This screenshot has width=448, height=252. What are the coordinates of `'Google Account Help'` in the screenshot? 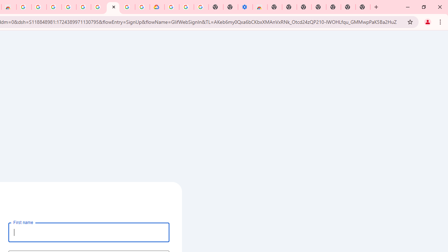 It's located at (187, 7).